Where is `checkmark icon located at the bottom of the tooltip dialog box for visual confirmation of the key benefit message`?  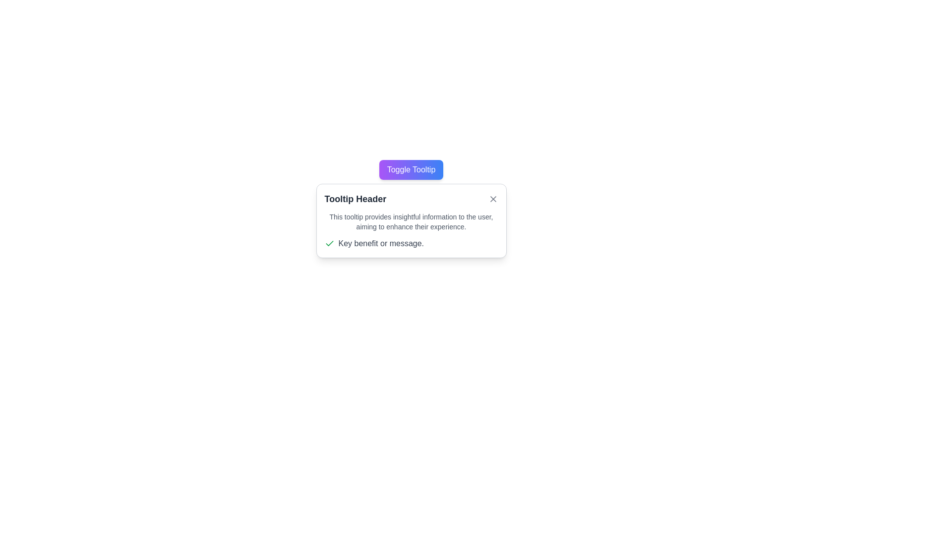 checkmark icon located at the bottom of the tooltip dialog box for visual confirmation of the key benefit message is located at coordinates (411, 244).